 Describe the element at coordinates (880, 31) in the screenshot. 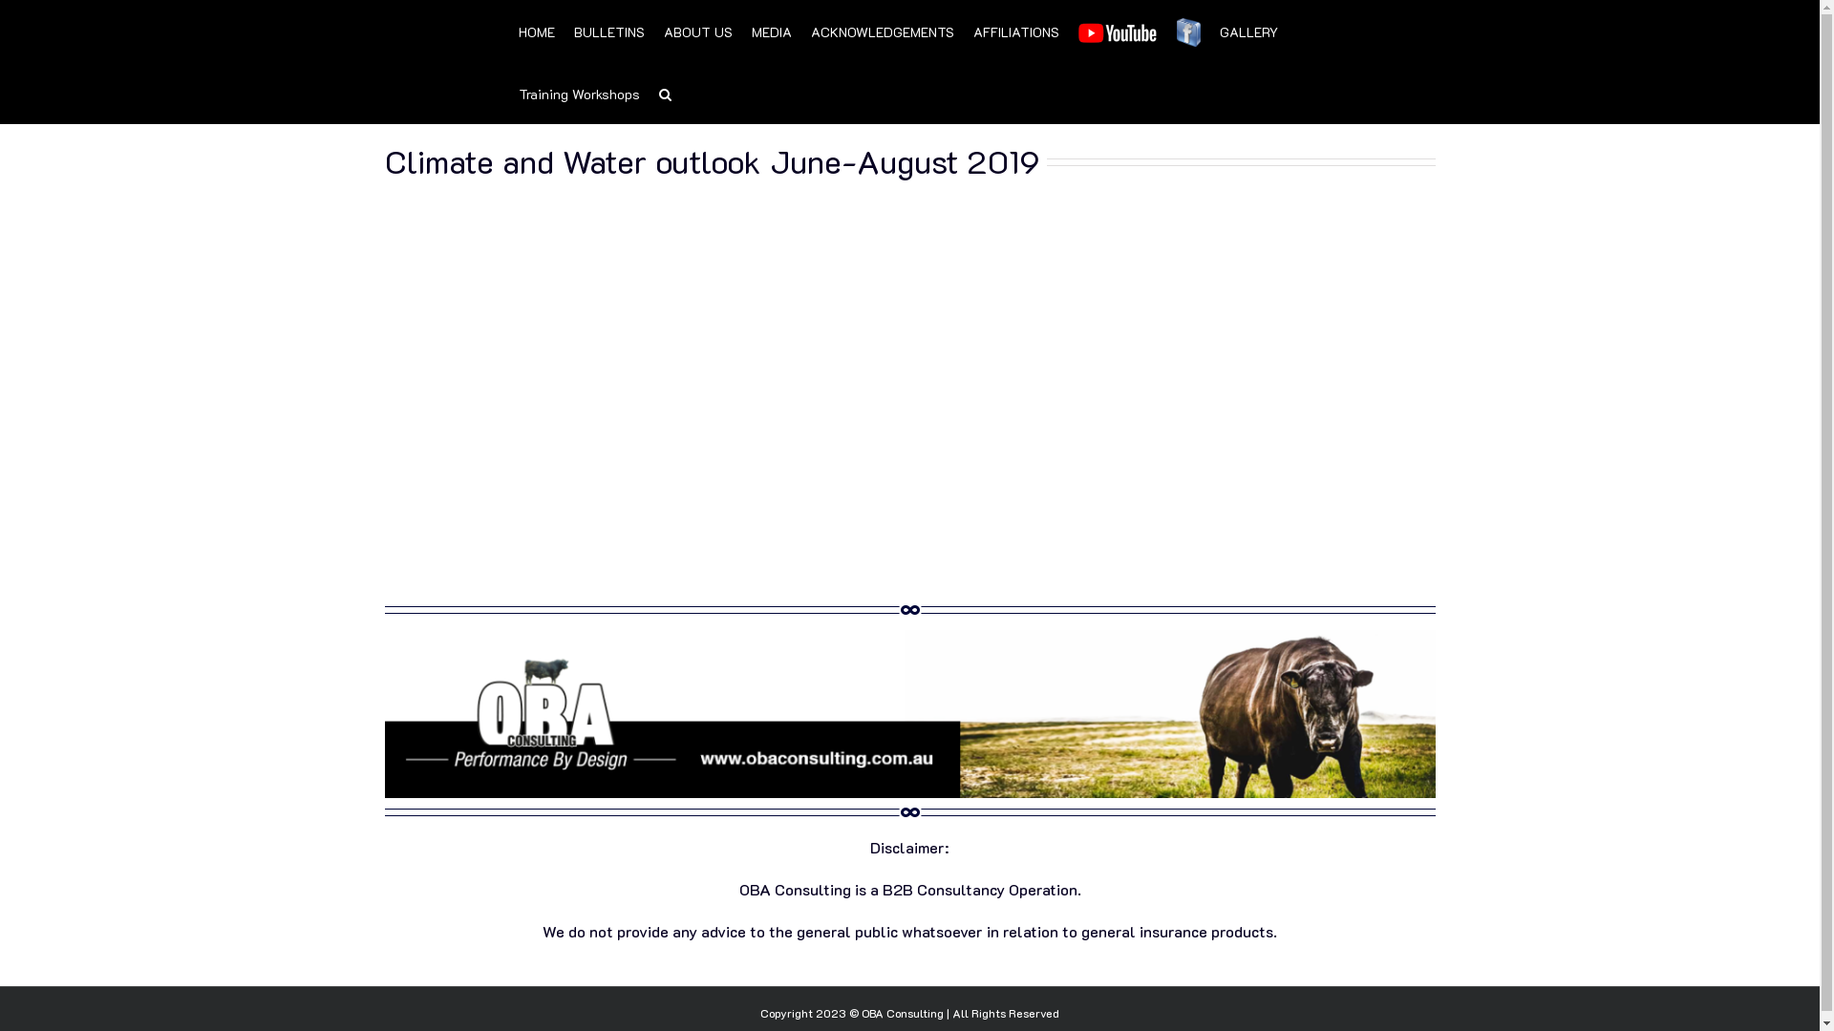

I see `'ACKNOWLEDGEMENTS'` at that location.